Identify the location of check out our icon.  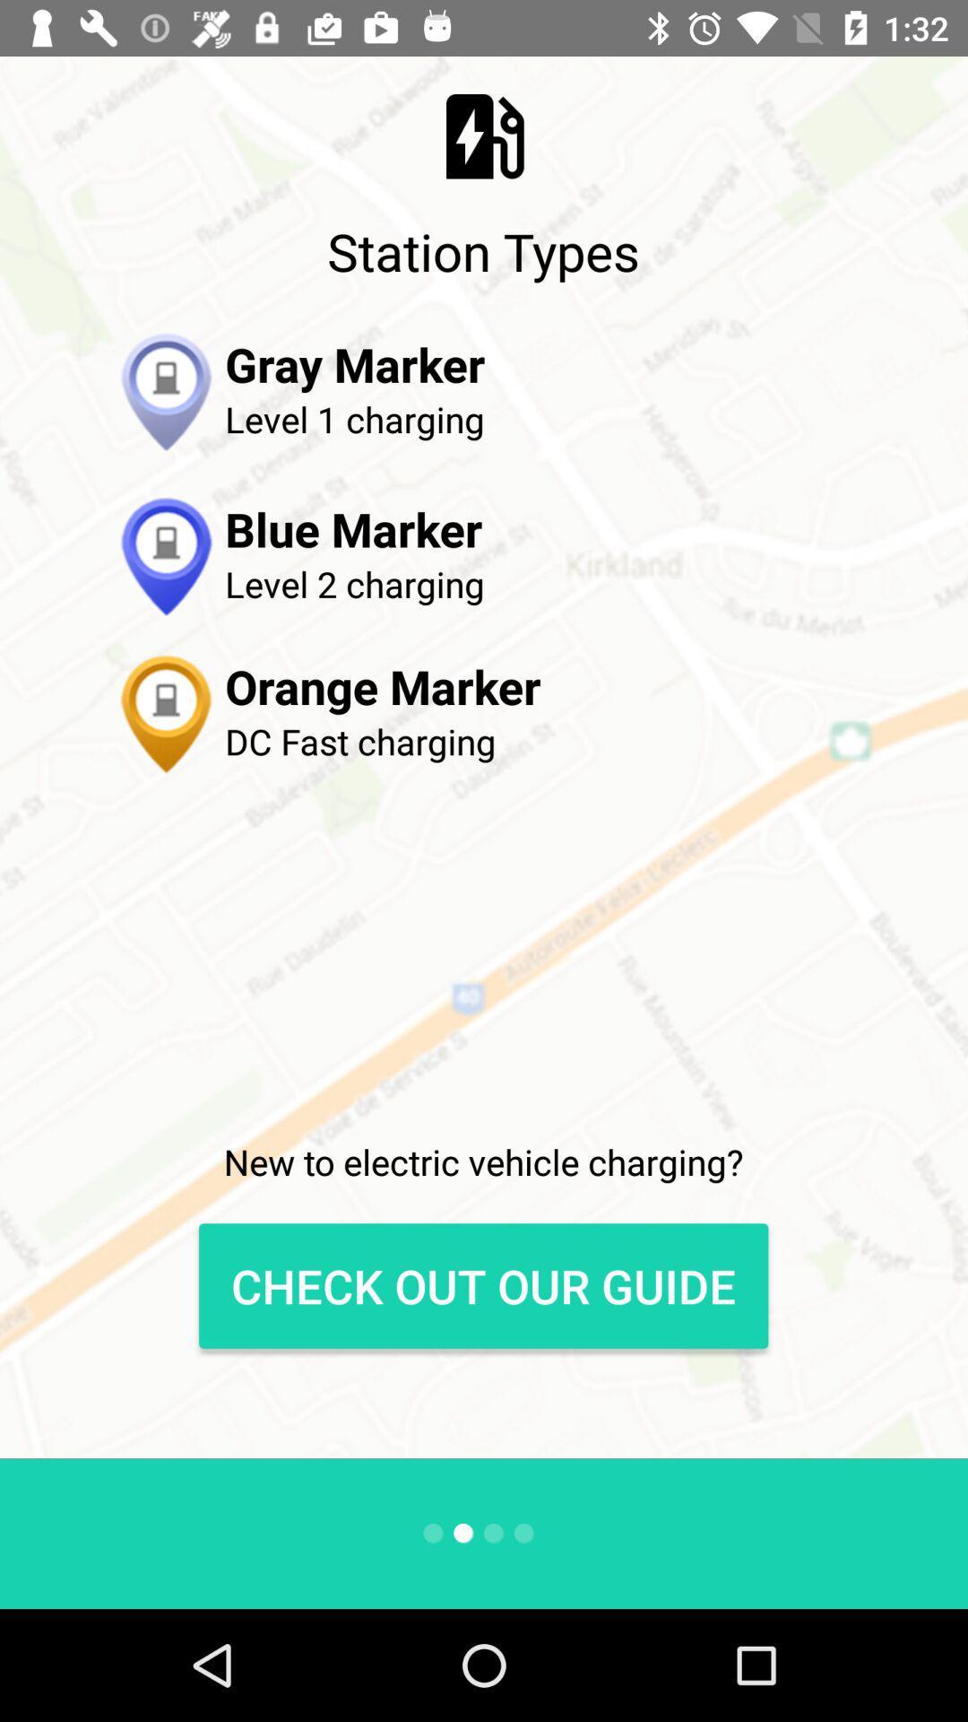
(482, 1285).